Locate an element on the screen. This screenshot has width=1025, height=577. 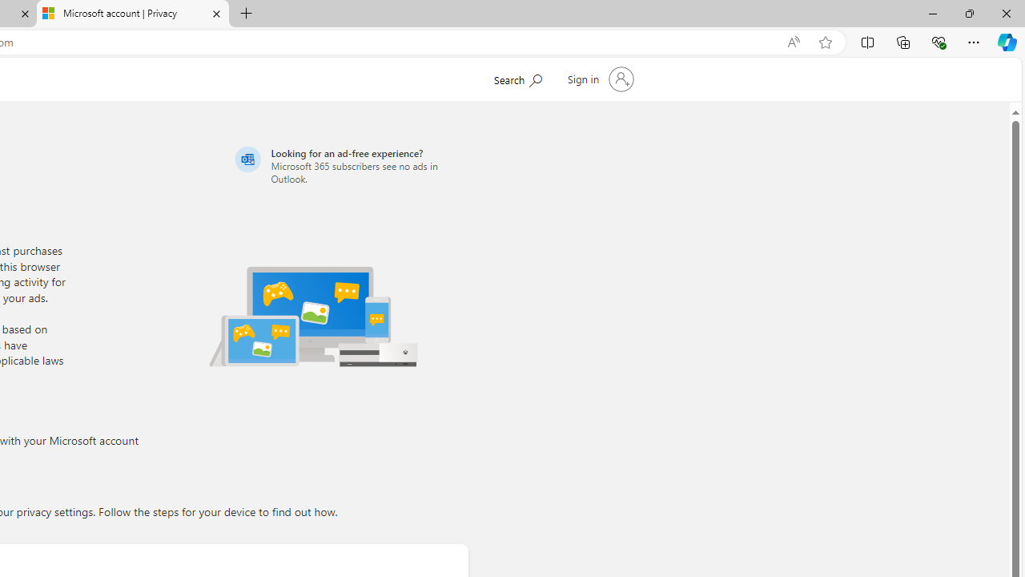
'Close tab' is located at coordinates (215, 14).